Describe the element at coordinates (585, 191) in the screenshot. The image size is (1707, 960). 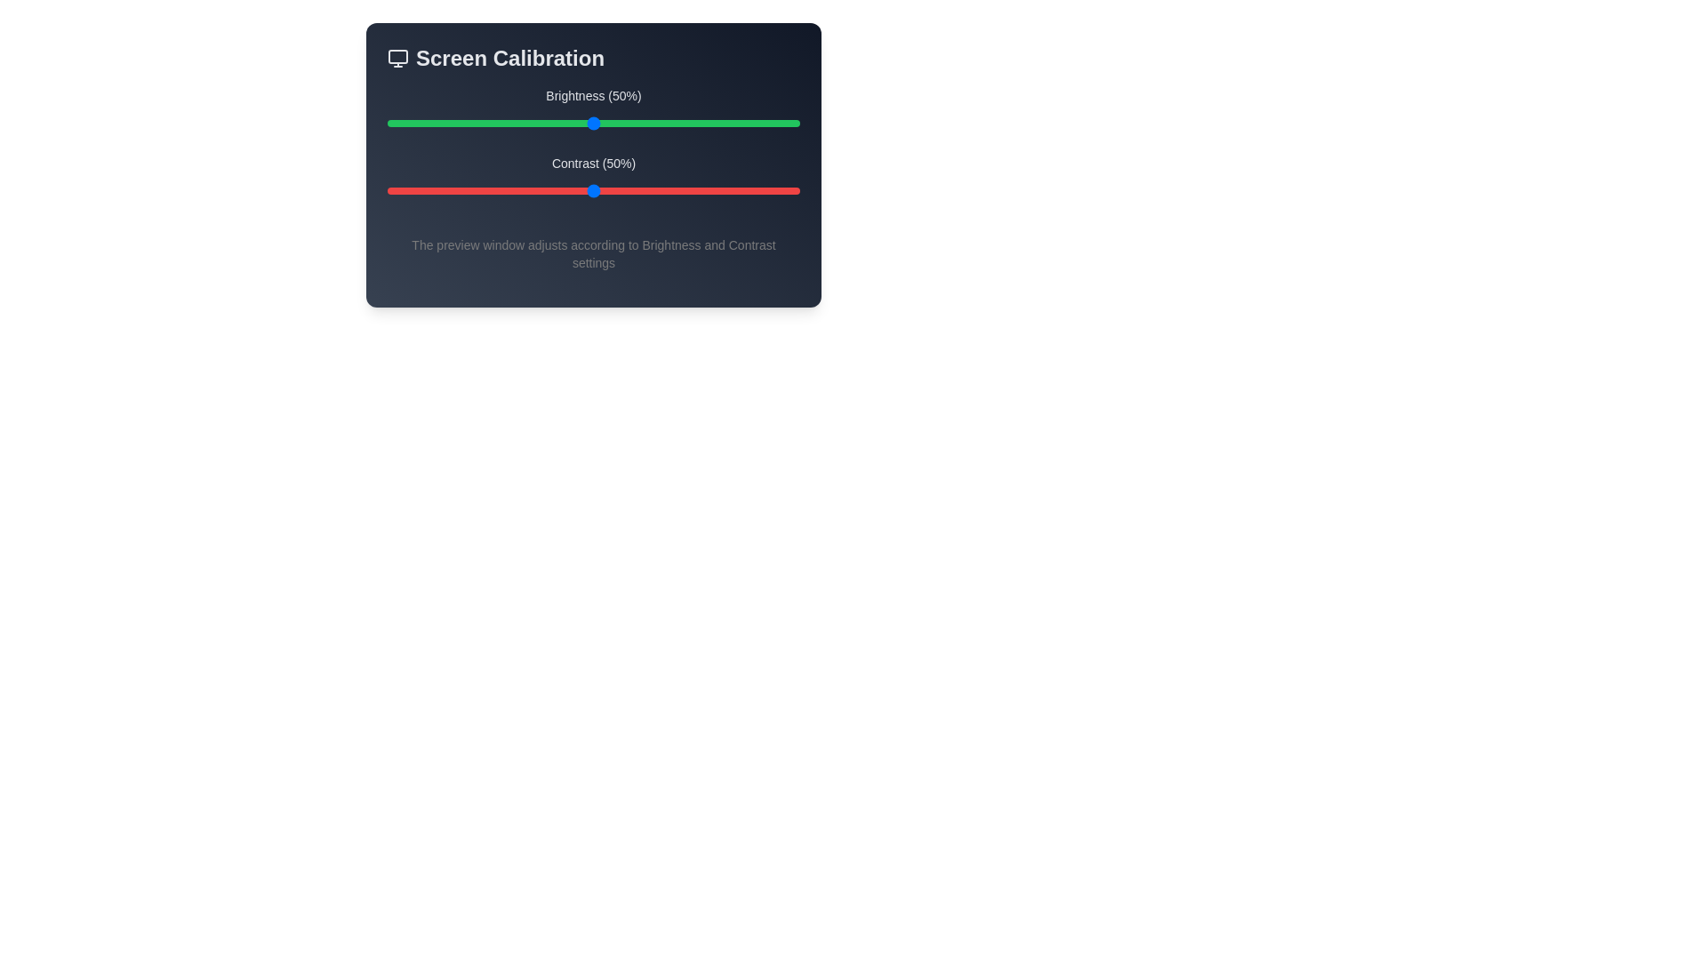
I see `the contrast slider to 48%` at that location.